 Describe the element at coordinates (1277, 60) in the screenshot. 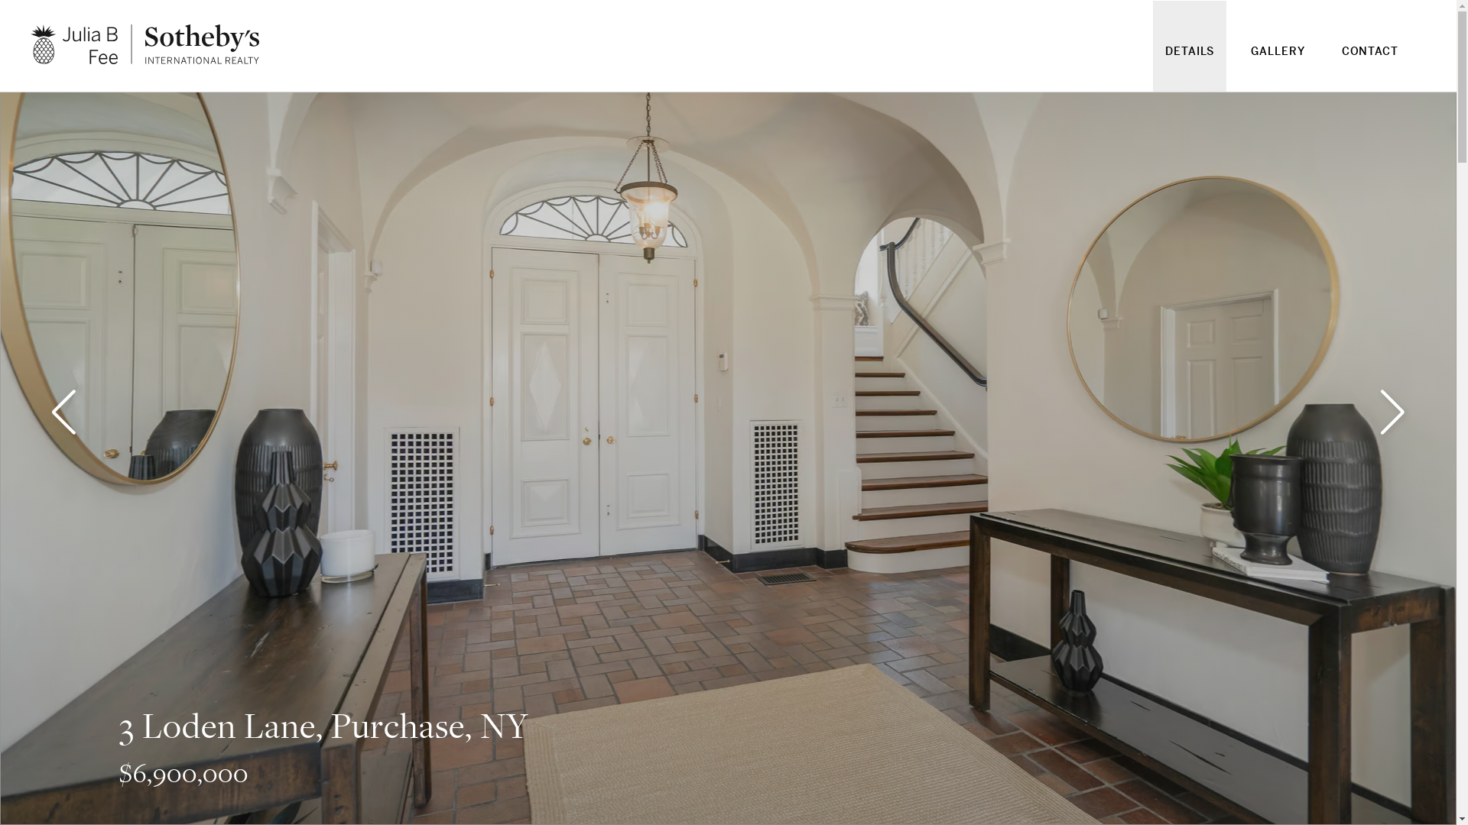

I see `'GALLERY'` at that location.